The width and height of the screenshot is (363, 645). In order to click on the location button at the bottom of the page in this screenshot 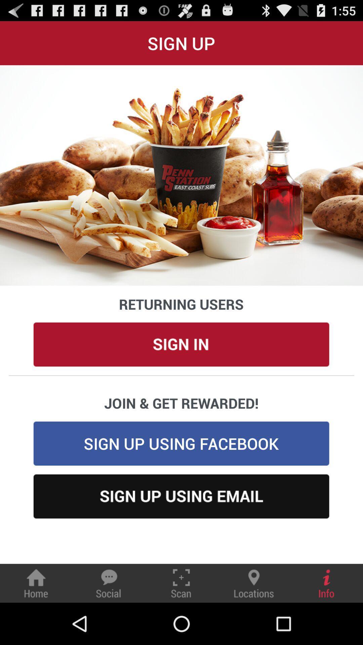, I will do `click(254, 583)`.